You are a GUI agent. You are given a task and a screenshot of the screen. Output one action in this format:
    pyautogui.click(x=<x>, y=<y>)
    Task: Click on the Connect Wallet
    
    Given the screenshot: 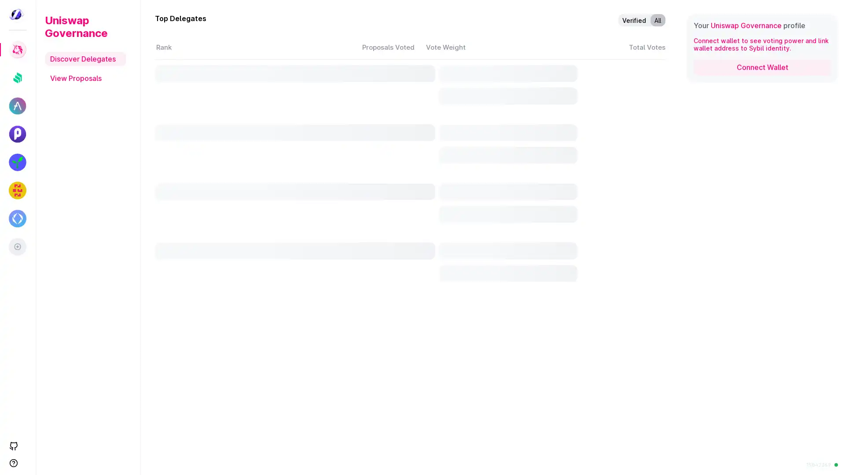 What is the action you would take?
    pyautogui.click(x=762, y=67)
    